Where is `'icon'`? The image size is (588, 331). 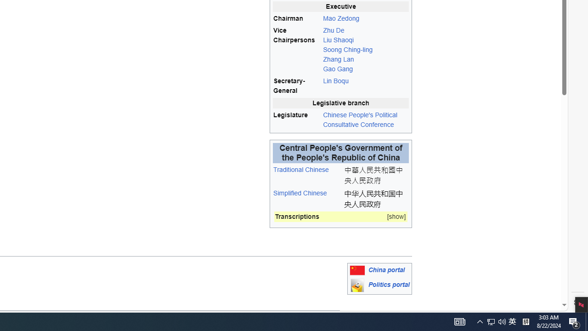 'icon' is located at coordinates (356, 285).